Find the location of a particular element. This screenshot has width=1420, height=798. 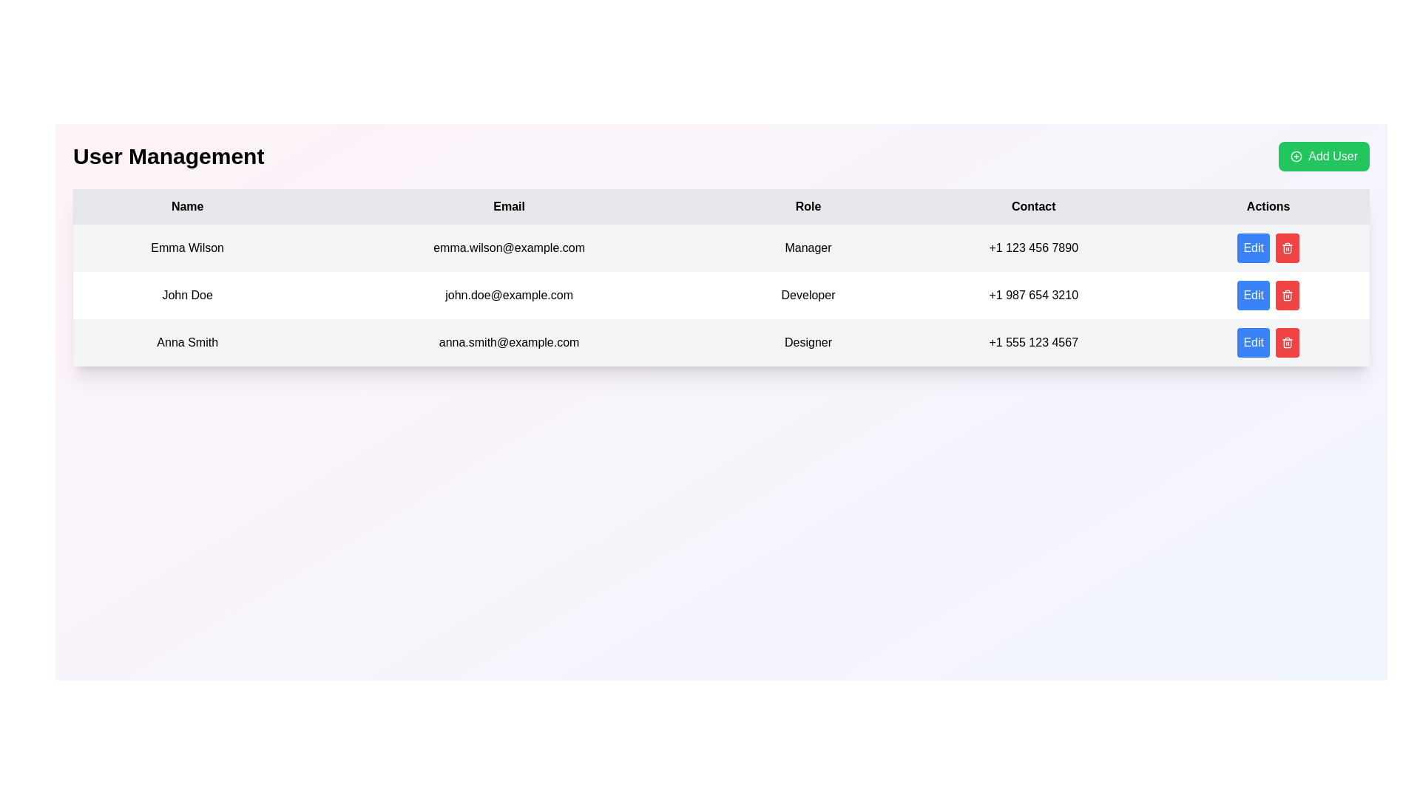

the Text Label indicating the role designation in the third row of the table under the 'Role' column is located at coordinates (808, 342).